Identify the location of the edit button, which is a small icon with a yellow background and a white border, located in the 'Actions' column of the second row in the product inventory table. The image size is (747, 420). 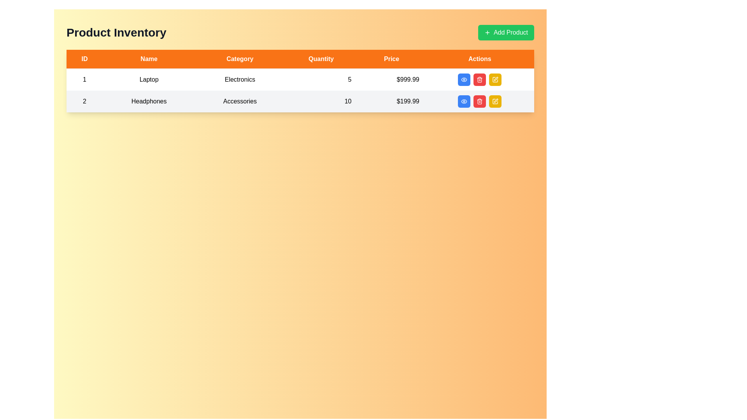
(495, 79).